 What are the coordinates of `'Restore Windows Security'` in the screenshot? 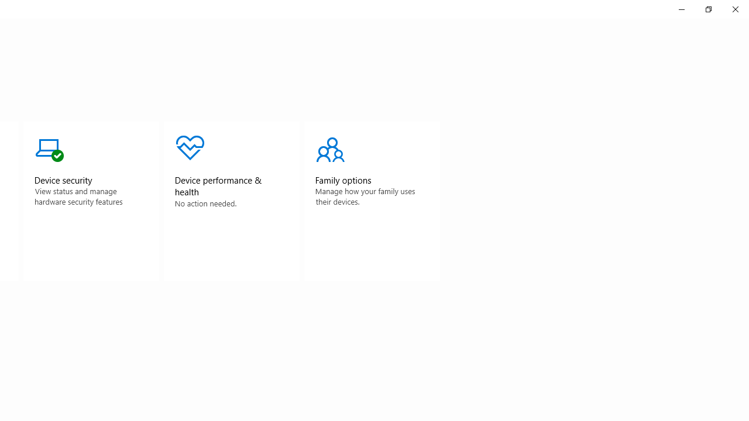 It's located at (707, 9).